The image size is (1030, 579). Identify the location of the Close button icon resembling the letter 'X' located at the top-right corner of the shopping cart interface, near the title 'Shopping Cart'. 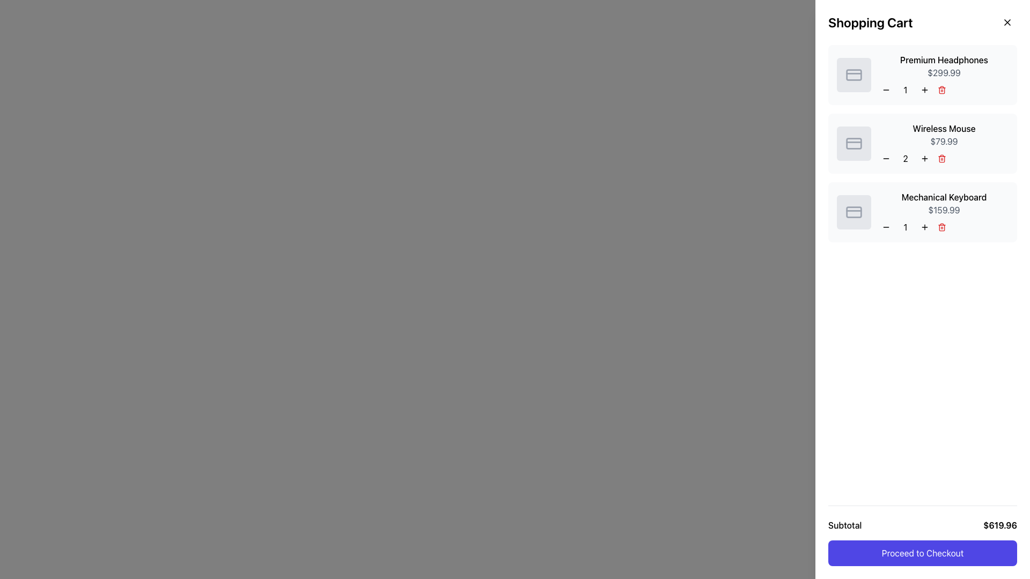
(1006, 23).